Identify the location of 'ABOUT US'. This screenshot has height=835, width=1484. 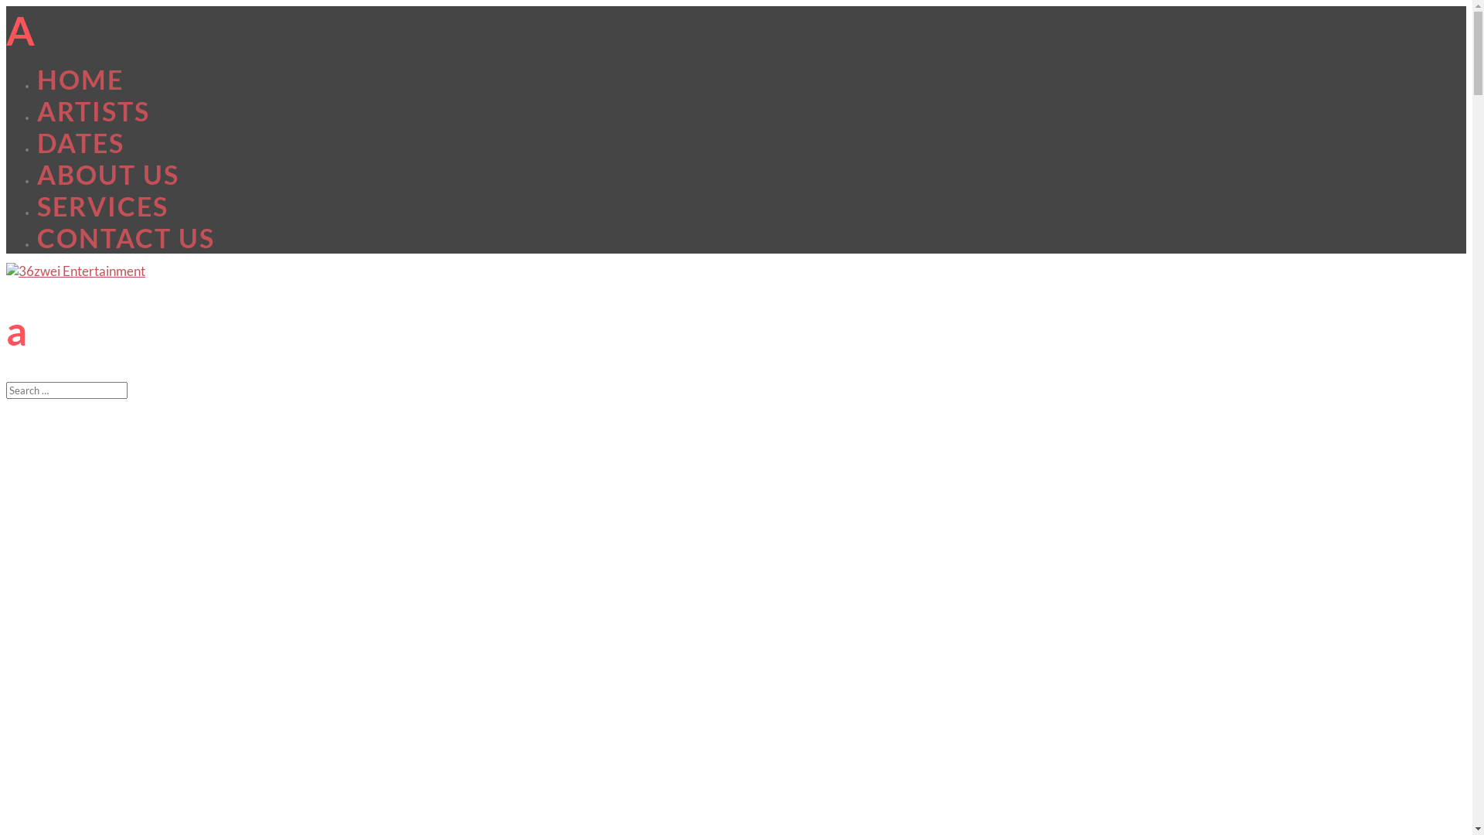
(107, 174).